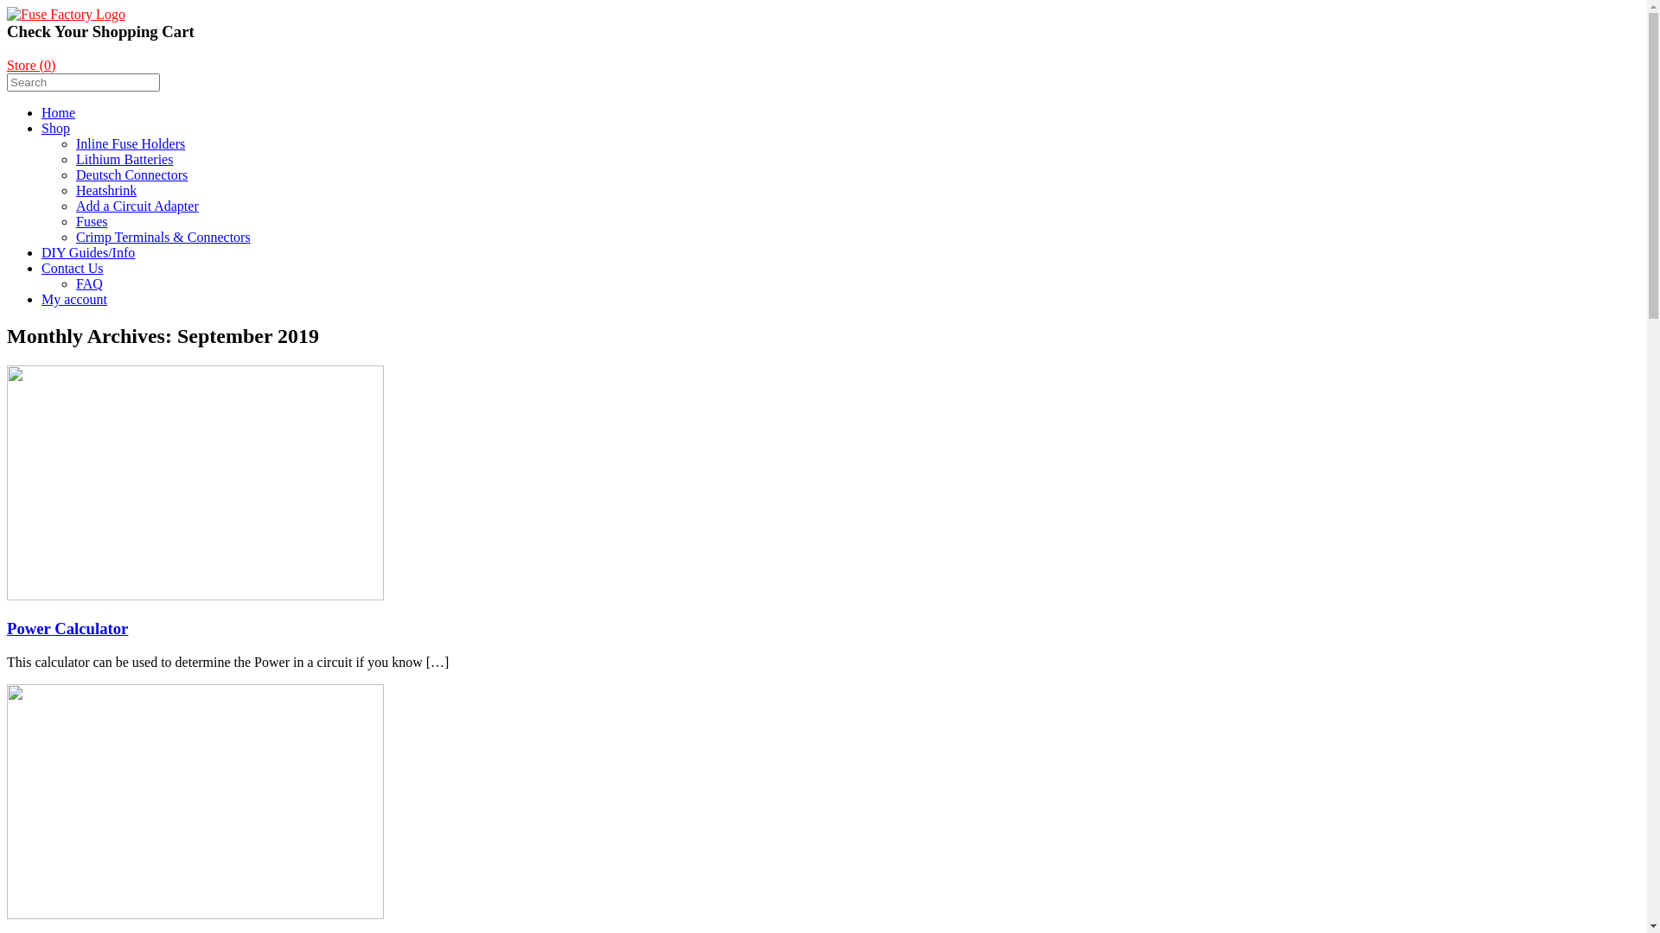 This screenshot has width=1660, height=933. Describe the element at coordinates (124, 159) in the screenshot. I see `'Lithium Batteries'` at that location.